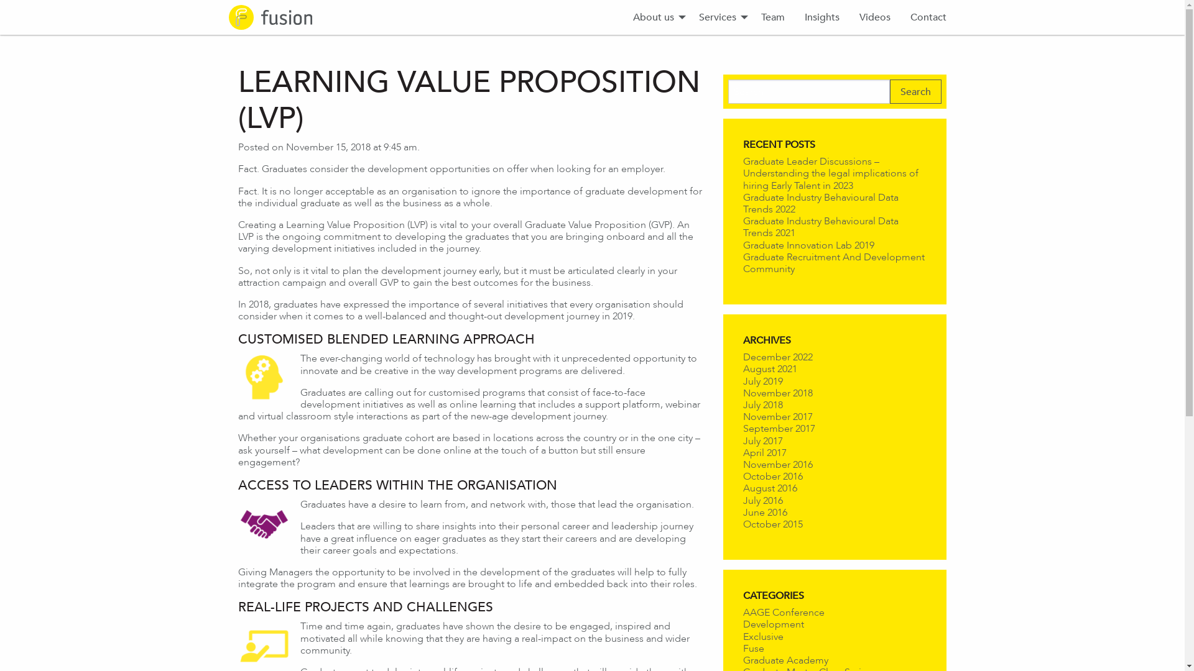 The image size is (1194, 671). I want to click on 'Team', so click(772, 17).